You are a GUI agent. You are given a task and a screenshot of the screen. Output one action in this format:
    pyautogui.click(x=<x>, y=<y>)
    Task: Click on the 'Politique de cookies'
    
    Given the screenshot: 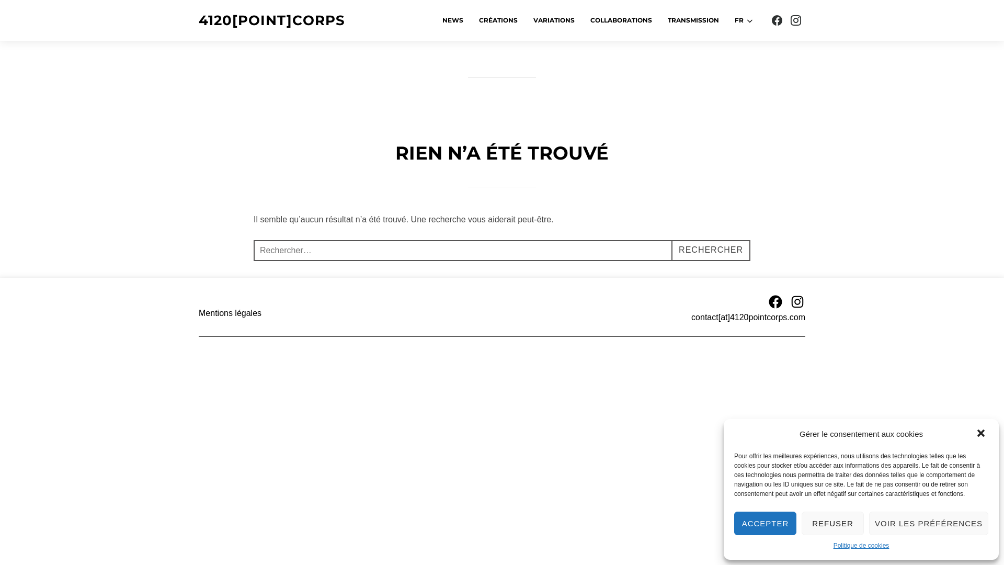 What is the action you would take?
    pyautogui.click(x=861, y=546)
    